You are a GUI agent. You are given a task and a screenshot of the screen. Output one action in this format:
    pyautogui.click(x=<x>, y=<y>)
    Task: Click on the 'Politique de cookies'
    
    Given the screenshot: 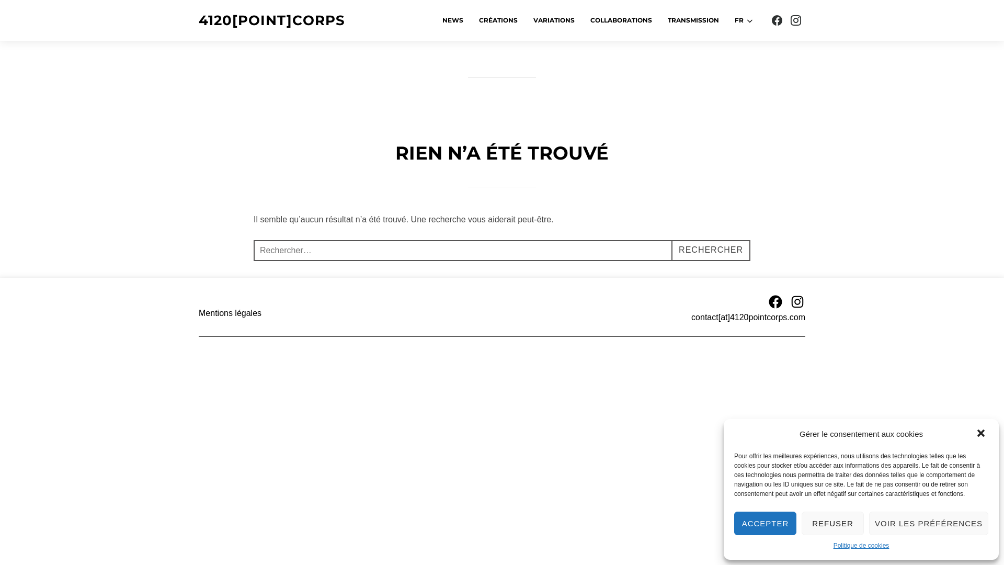 What is the action you would take?
    pyautogui.click(x=861, y=546)
    